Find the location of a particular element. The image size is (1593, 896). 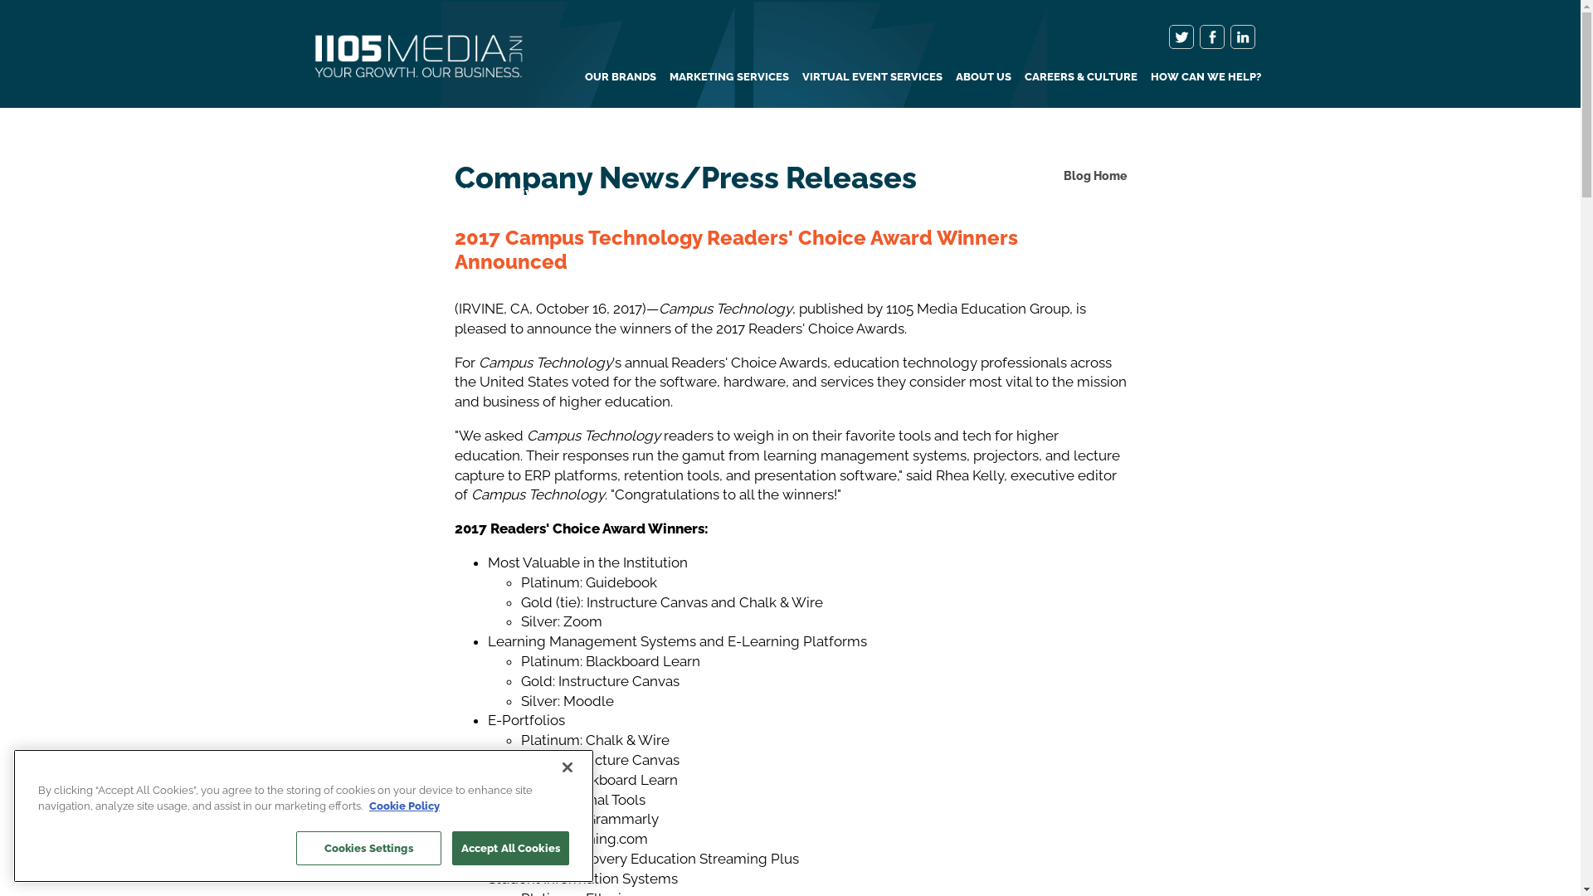

'OUR BRANDS' is located at coordinates (619, 76).